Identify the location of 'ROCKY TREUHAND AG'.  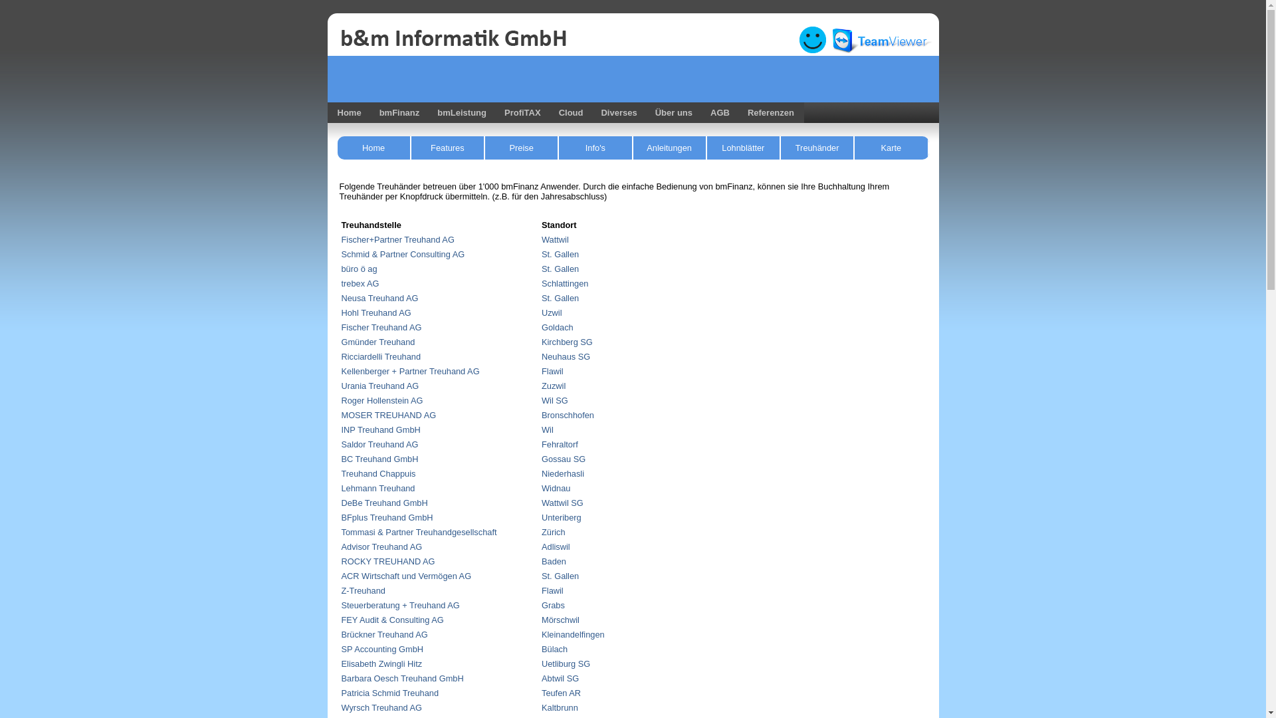
(387, 561).